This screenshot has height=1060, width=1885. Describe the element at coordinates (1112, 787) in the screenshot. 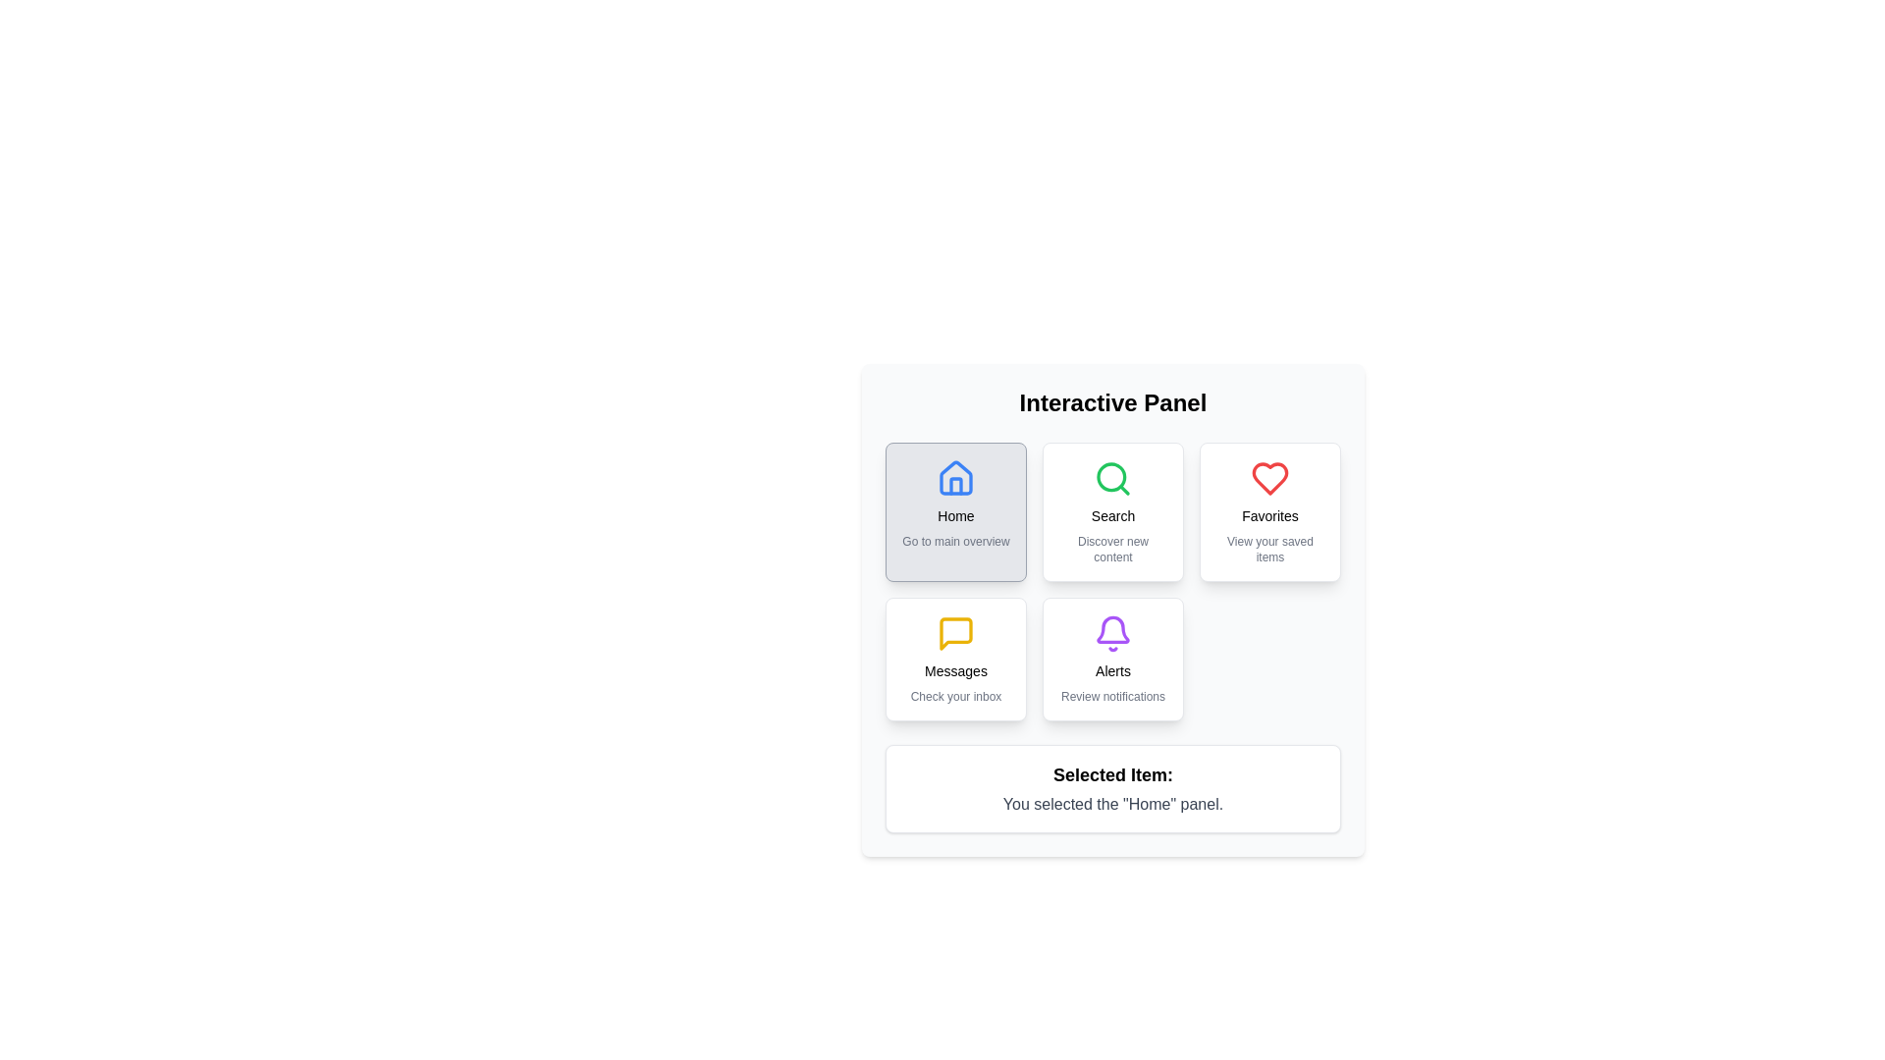

I see `the rectangular informational box with a white background that displays the text 'Selected Item:' in bold and 'You selected the "Home" panel.' centered inside` at that location.